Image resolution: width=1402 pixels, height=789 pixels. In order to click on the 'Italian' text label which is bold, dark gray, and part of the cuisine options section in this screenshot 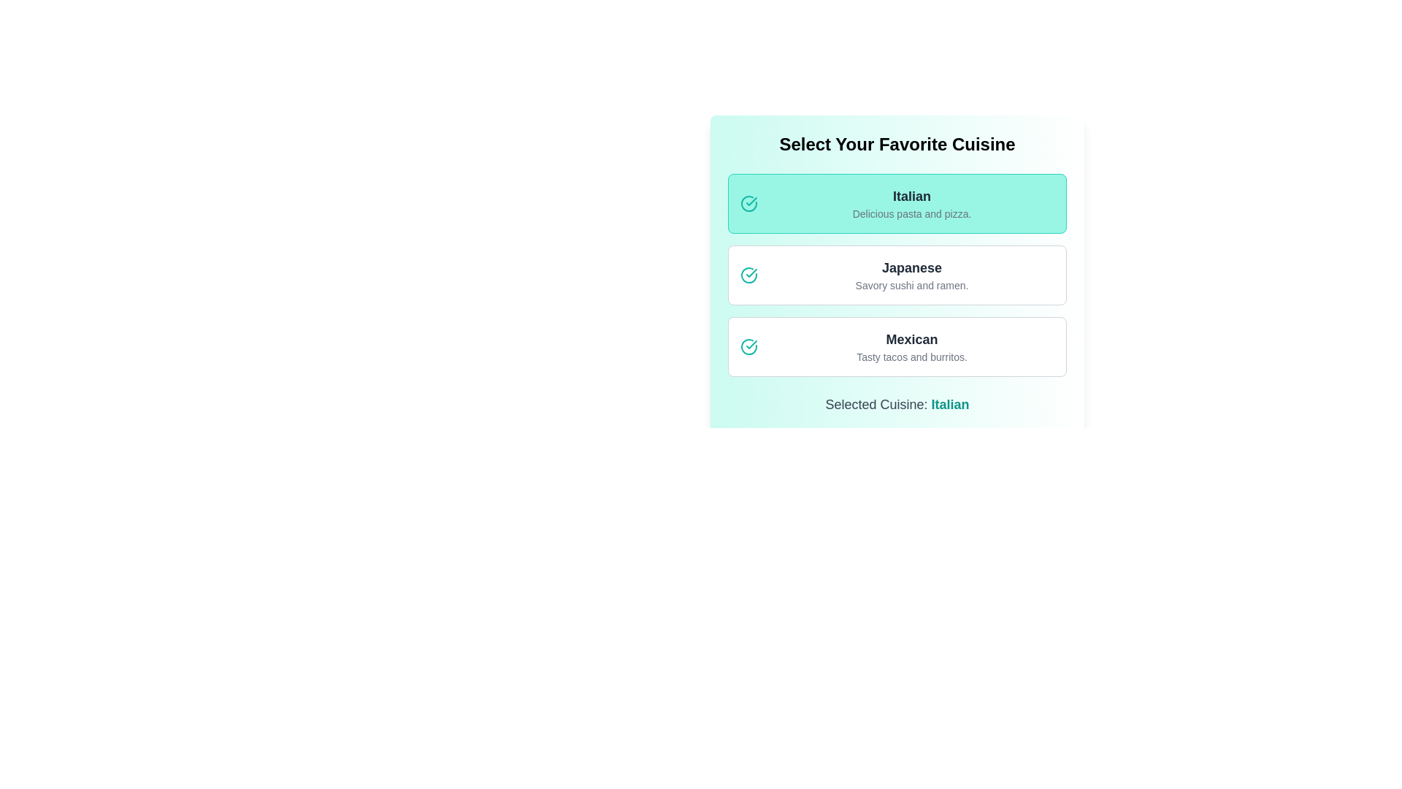, I will do `click(911, 196)`.